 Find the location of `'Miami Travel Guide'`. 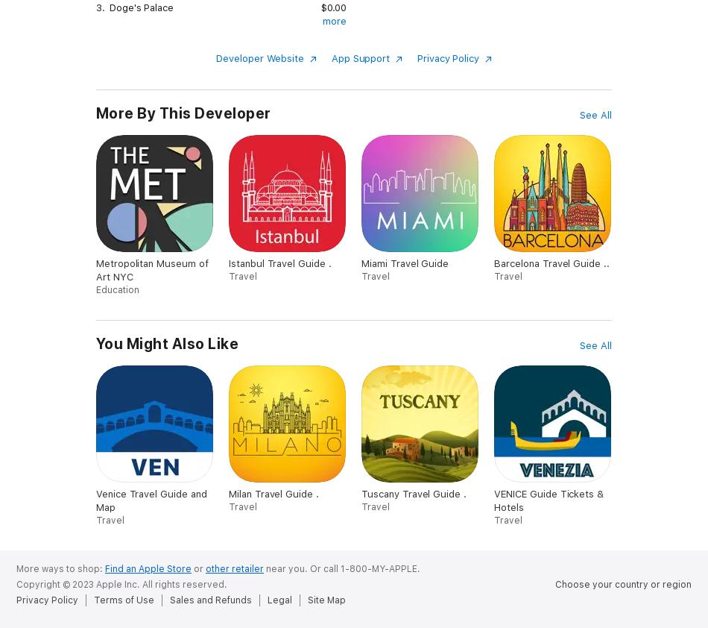

'Miami Travel Guide' is located at coordinates (405, 263).